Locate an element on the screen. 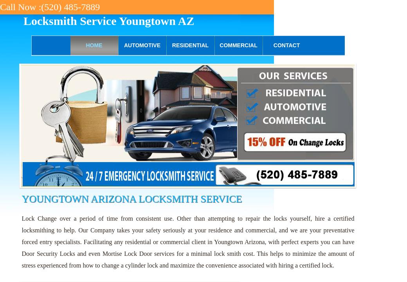 Image resolution: width=407 pixels, height=282 pixels. 'Home' is located at coordinates (86, 45).